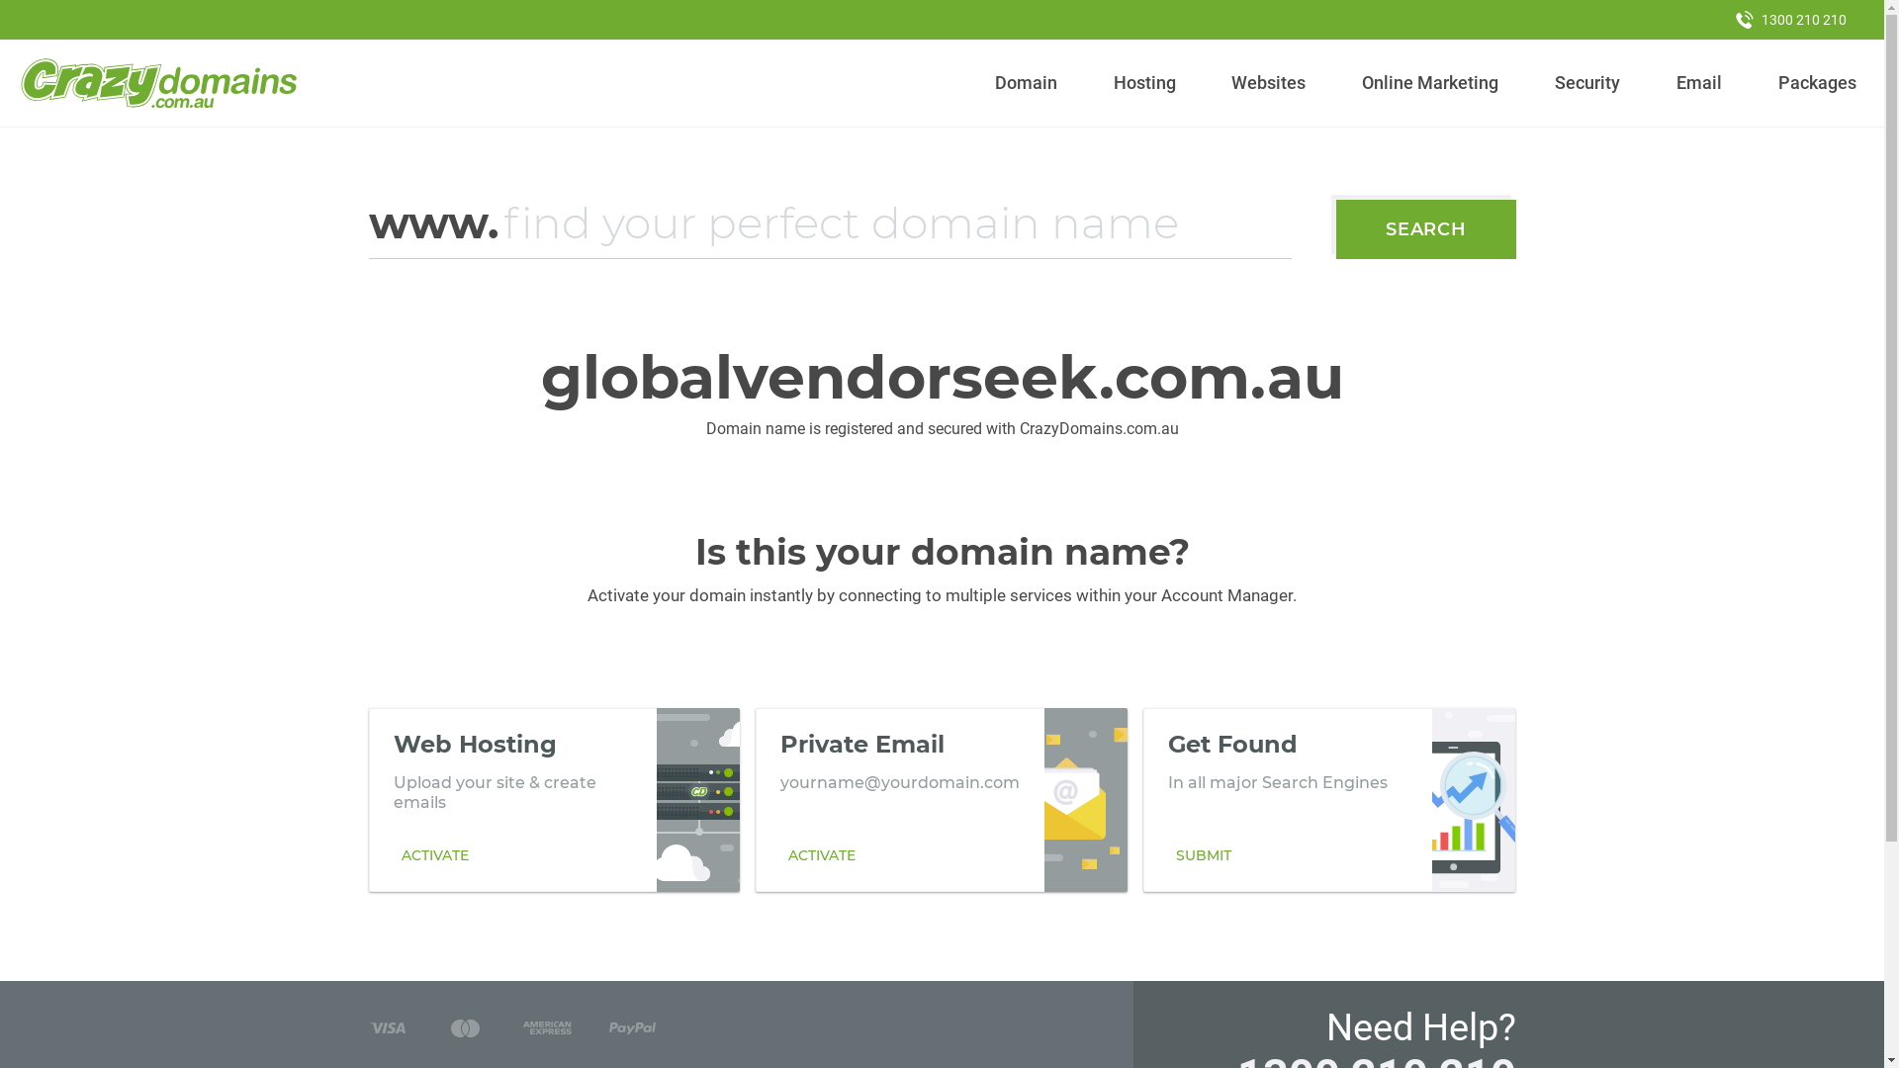 This screenshot has height=1068, width=1899. What do you see at coordinates (554, 799) in the screenshot?
I see `'Web Hosting` at bounding box center [554, 799].